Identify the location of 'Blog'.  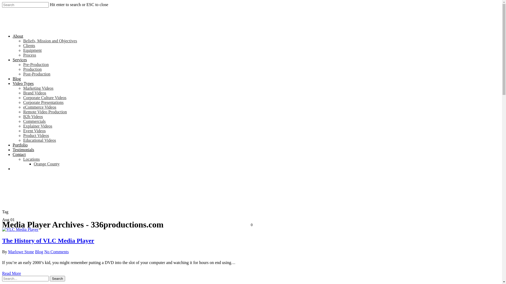
(17, 79).